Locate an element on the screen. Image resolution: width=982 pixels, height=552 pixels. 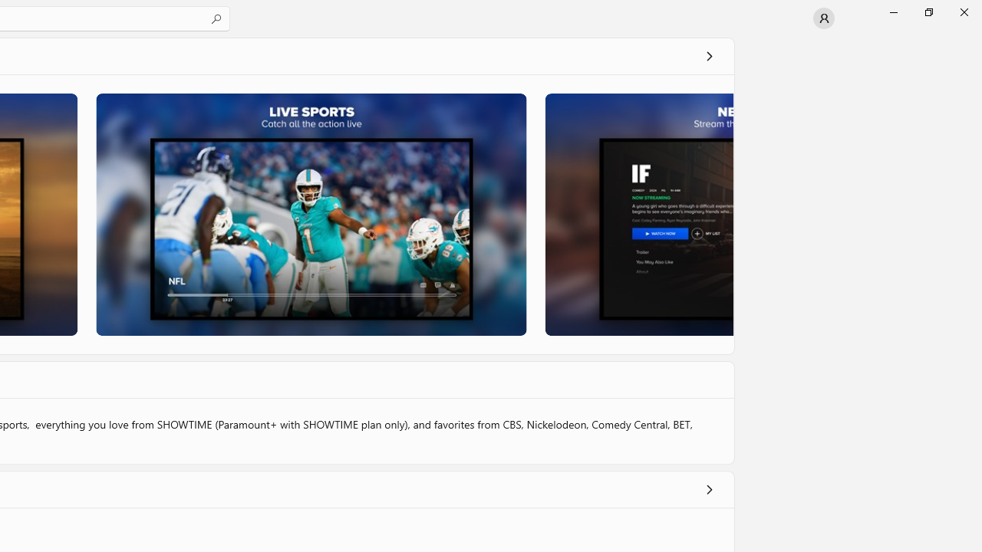
'See all' is located at coordinates (708, 55).